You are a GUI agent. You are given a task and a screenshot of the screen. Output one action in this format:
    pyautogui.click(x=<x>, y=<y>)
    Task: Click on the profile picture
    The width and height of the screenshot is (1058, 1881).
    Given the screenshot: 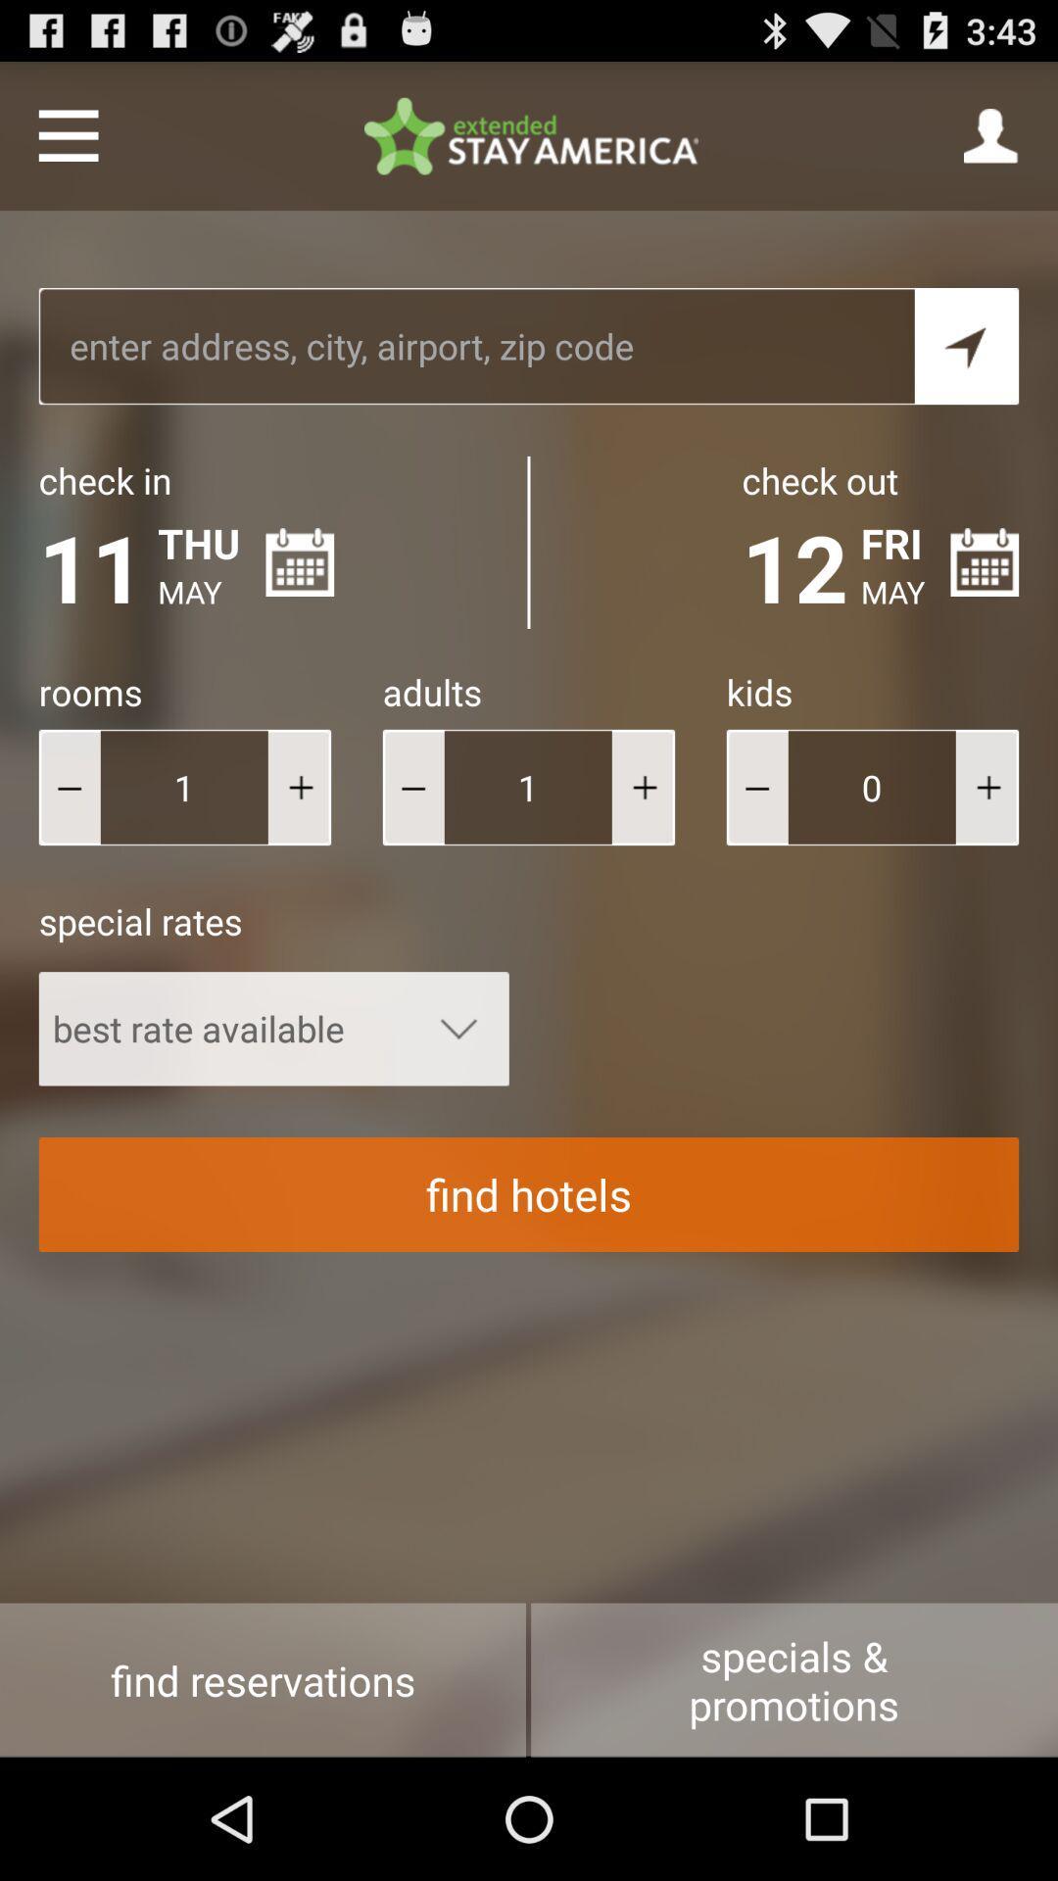 What is the action you would take?
    pyautogui.click(x=991, y=134)
    